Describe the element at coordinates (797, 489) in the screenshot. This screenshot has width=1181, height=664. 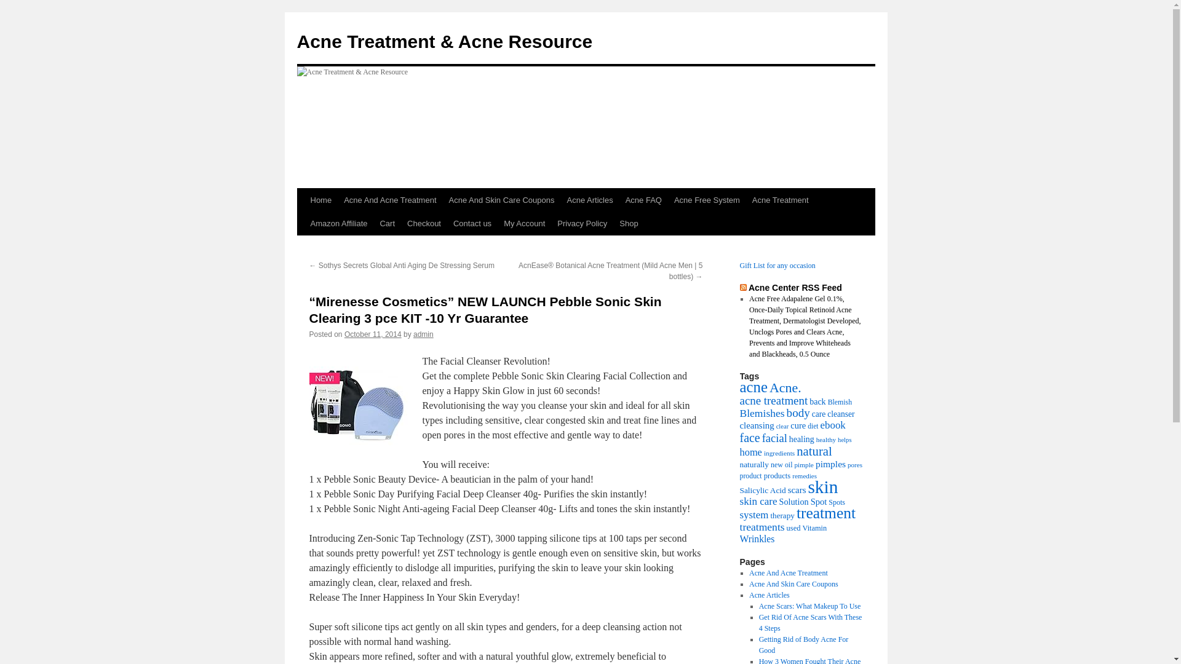
I see `'scars'` at that location.